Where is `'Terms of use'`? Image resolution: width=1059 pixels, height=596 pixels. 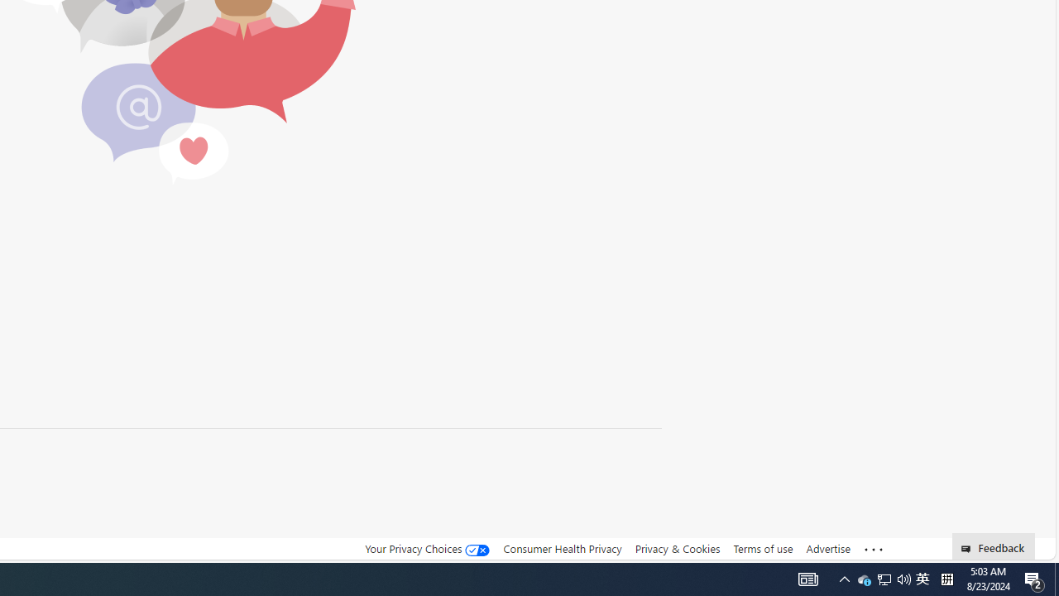
'Terms of use' is located at coordinates (762, 549).